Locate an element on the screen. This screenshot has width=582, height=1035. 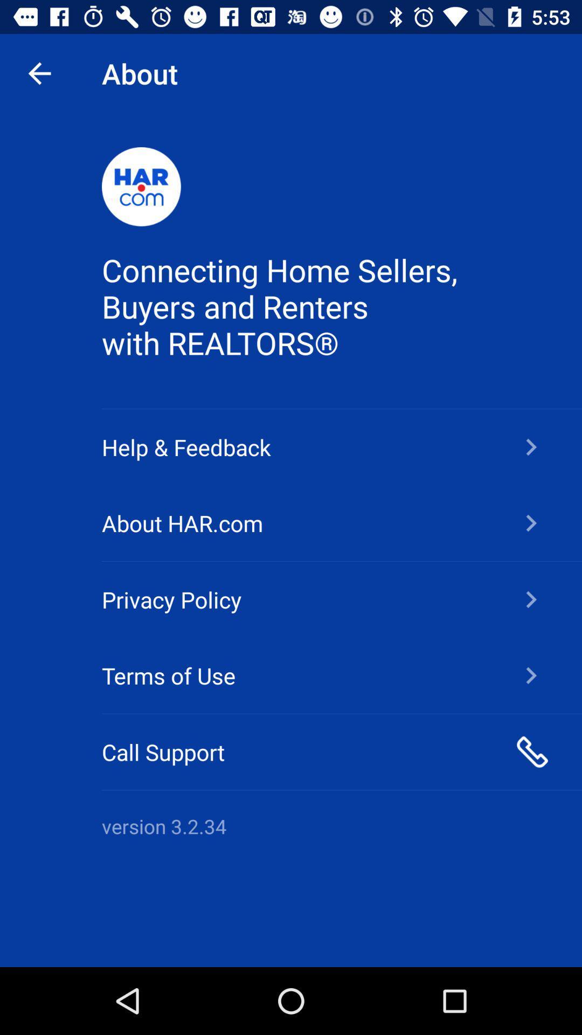
item to the left of the about item is located at coordinates (39, 73).